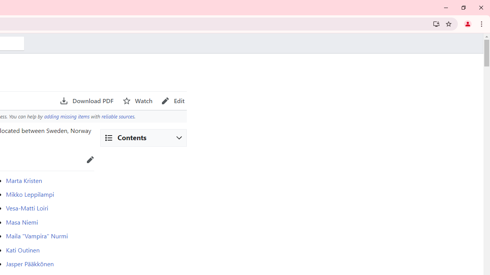  Describe the element at coordinates (137, 100) in the screenshot. I see `'AutomationID: page-actions-watch'` at that location.